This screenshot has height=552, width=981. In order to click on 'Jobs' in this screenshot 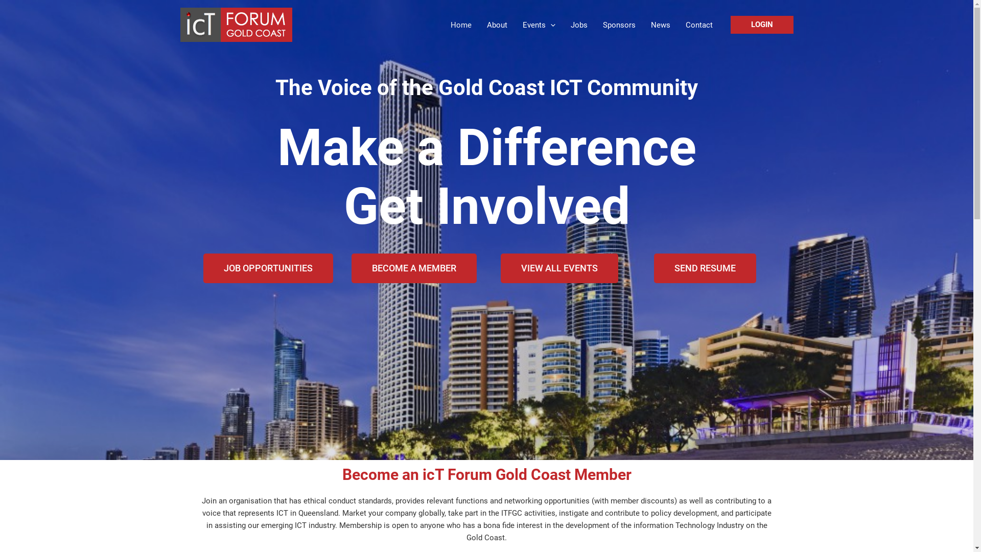, I will do `click(579, 25)`.